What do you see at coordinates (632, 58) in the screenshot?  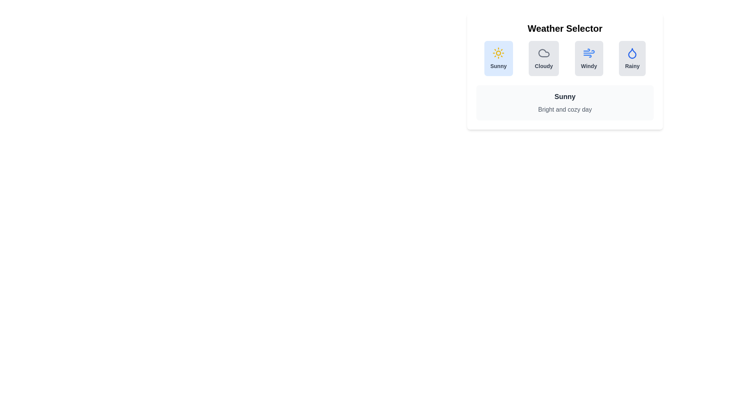 I see `the 'Rainy' weather option button in the weather selection interface` at bounding box center [632, 58].